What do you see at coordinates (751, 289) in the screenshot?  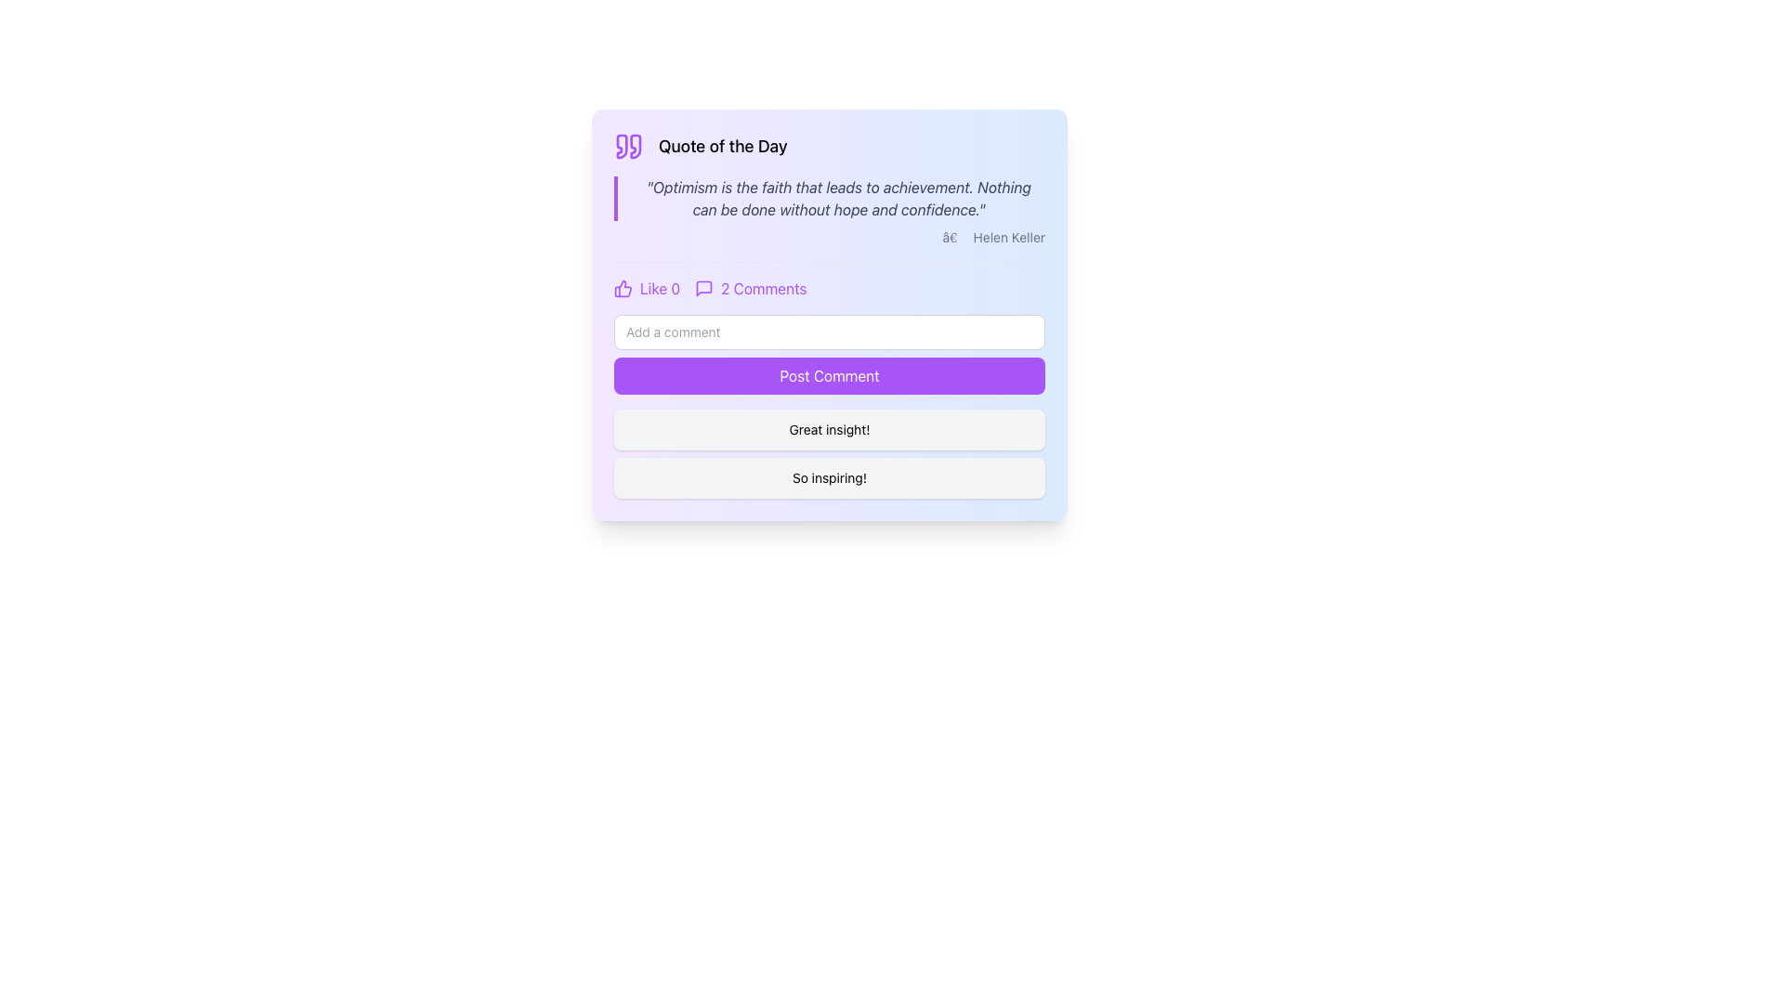 I see `the button with the text '2 Comments' and a speech bubble icon` at bounding box center [751, 289].